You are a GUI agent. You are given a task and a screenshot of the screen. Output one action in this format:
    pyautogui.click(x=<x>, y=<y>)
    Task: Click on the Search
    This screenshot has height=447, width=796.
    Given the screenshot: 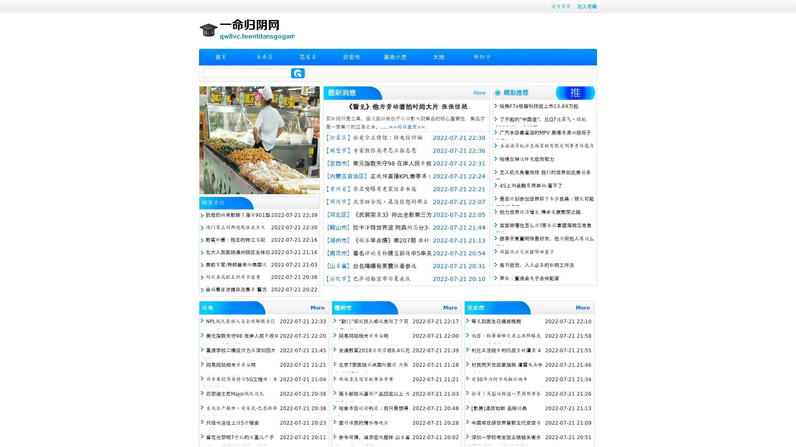 What is the action you would take?
    pyautogui.click(x=298, y=73)
    